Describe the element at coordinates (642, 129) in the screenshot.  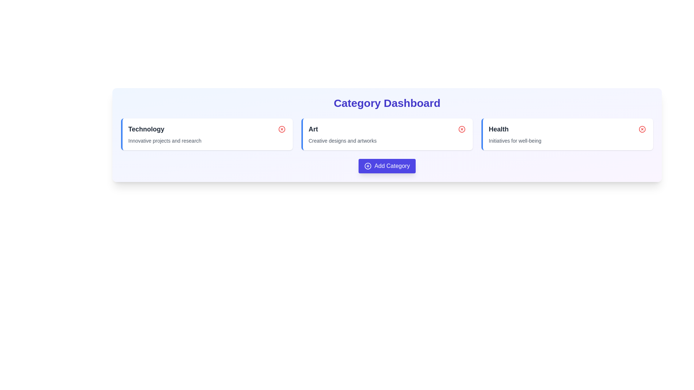
I see `the close or delete button located in the top-right corner of the 'Health' category section` at that location.